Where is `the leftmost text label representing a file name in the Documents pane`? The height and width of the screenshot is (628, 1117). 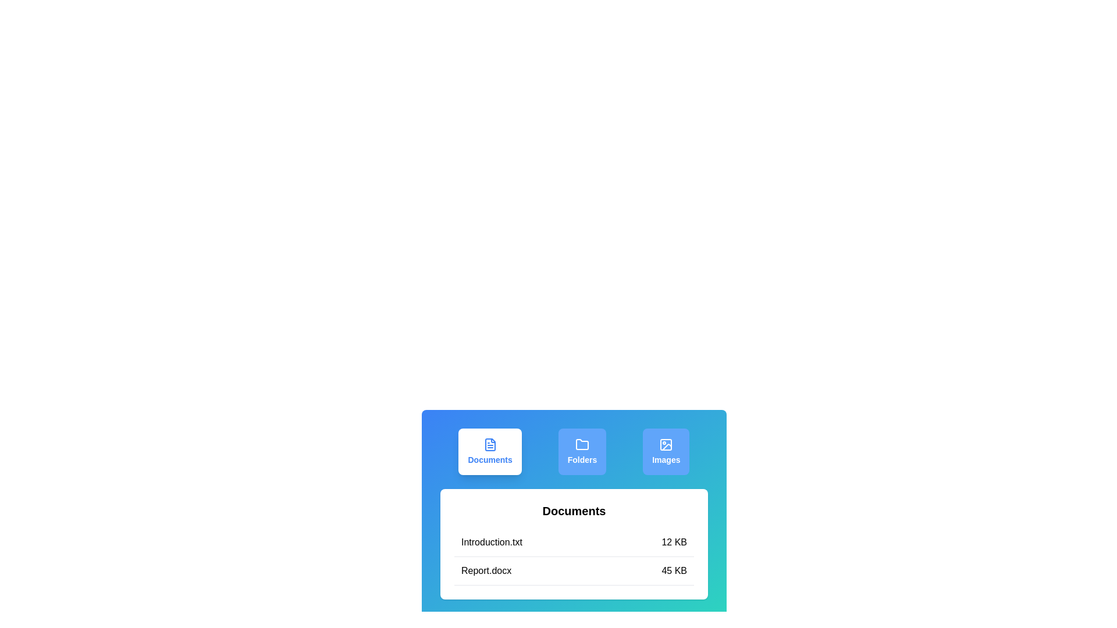
the leftmost text label representing a file name in the Documents pane is located at coordinates (486, 570).